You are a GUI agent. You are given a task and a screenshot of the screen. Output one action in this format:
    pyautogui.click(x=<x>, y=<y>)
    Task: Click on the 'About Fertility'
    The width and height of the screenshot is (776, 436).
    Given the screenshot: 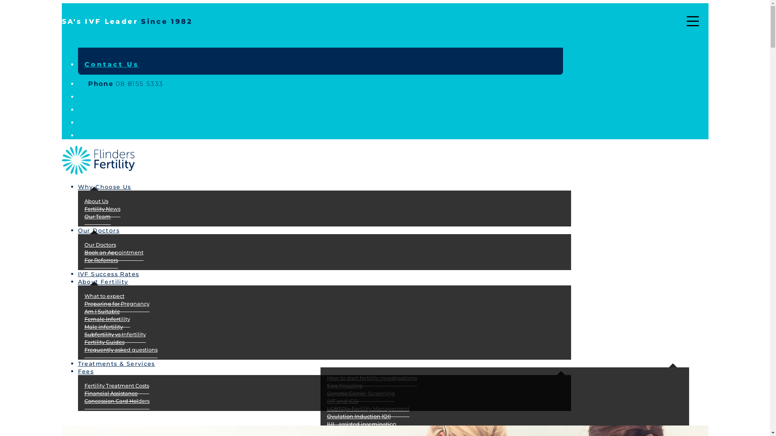 What is the action you would take?
    pyautogui.click(x=109, y=280)
    